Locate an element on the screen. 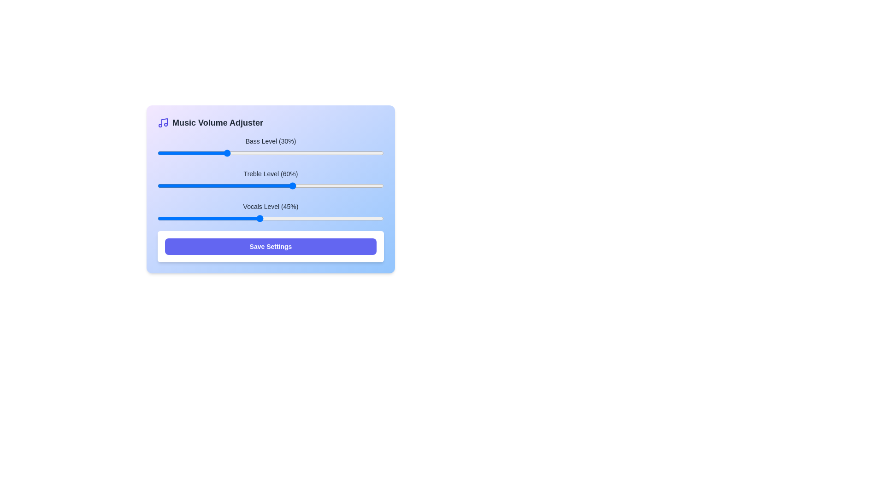  the bass level is located at coordinates (169, 152).